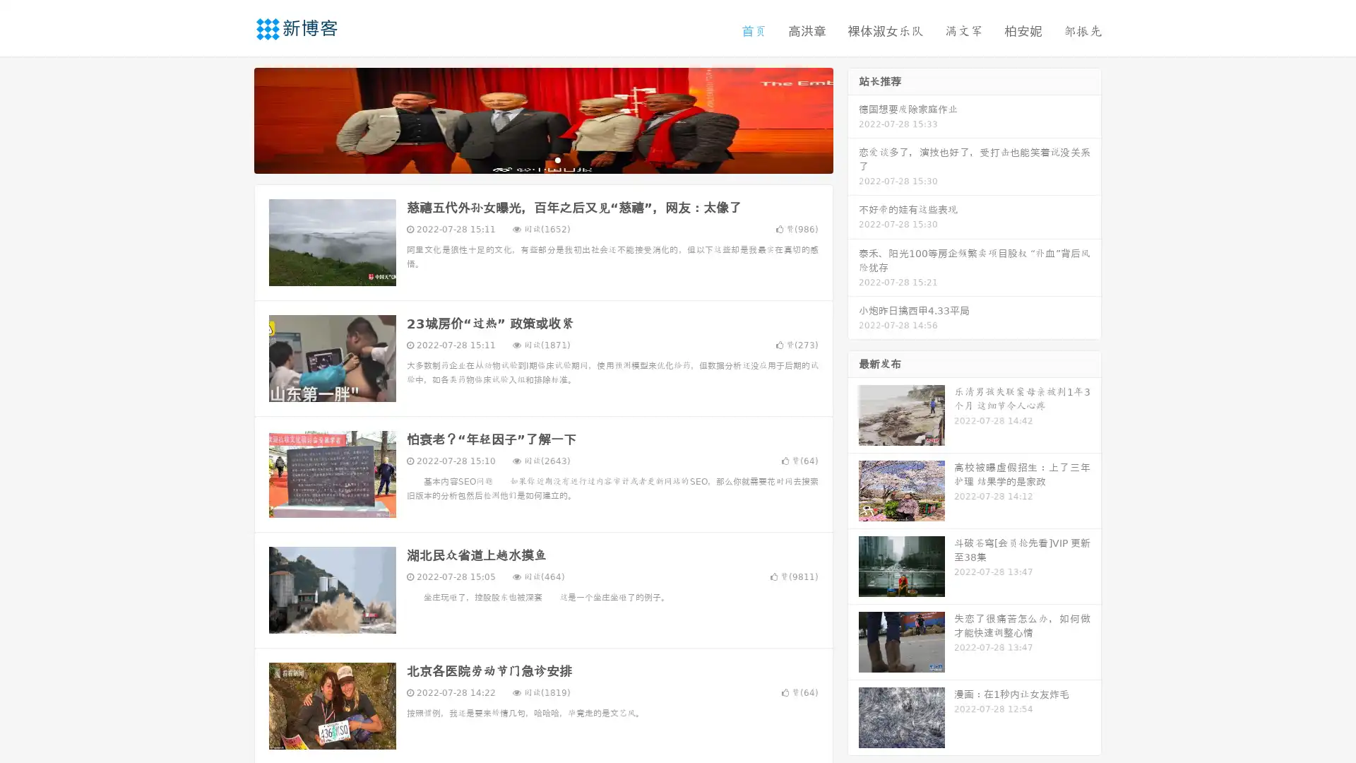 This screenshot has width=1356, height=763. I want to click on Go to slide 1, so click(528, 159).